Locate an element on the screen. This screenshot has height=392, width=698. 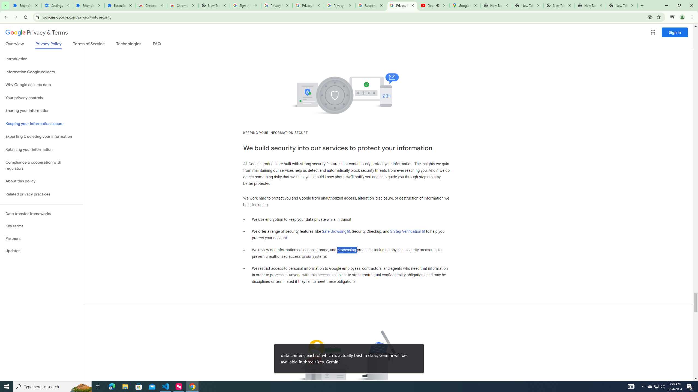
'Information Google collects' is located at coordinates (41, 72).